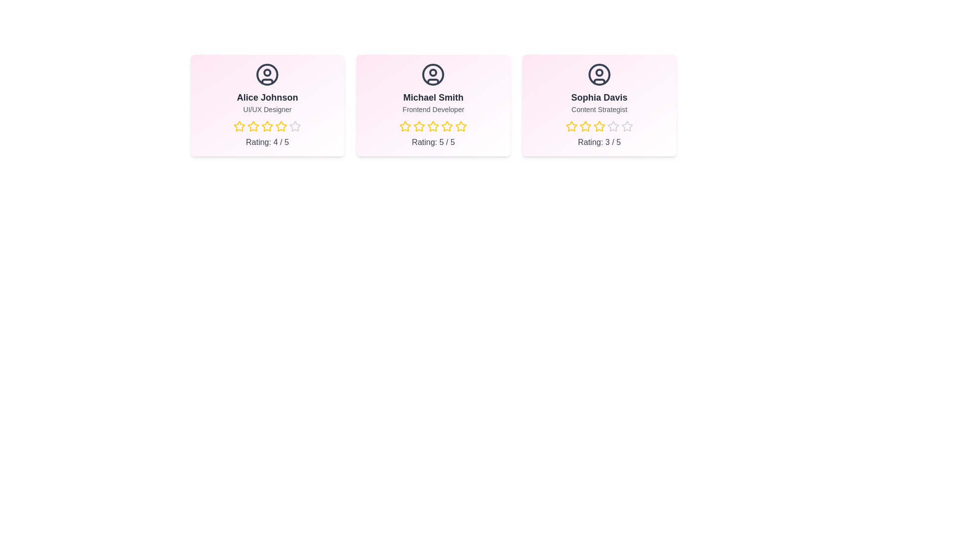  What do you see at coordinates (612, 126) in the screenshot?
I see `the star corresponding to 4 stars for the team member Sophia Davis` at bounding box center [612, 126].